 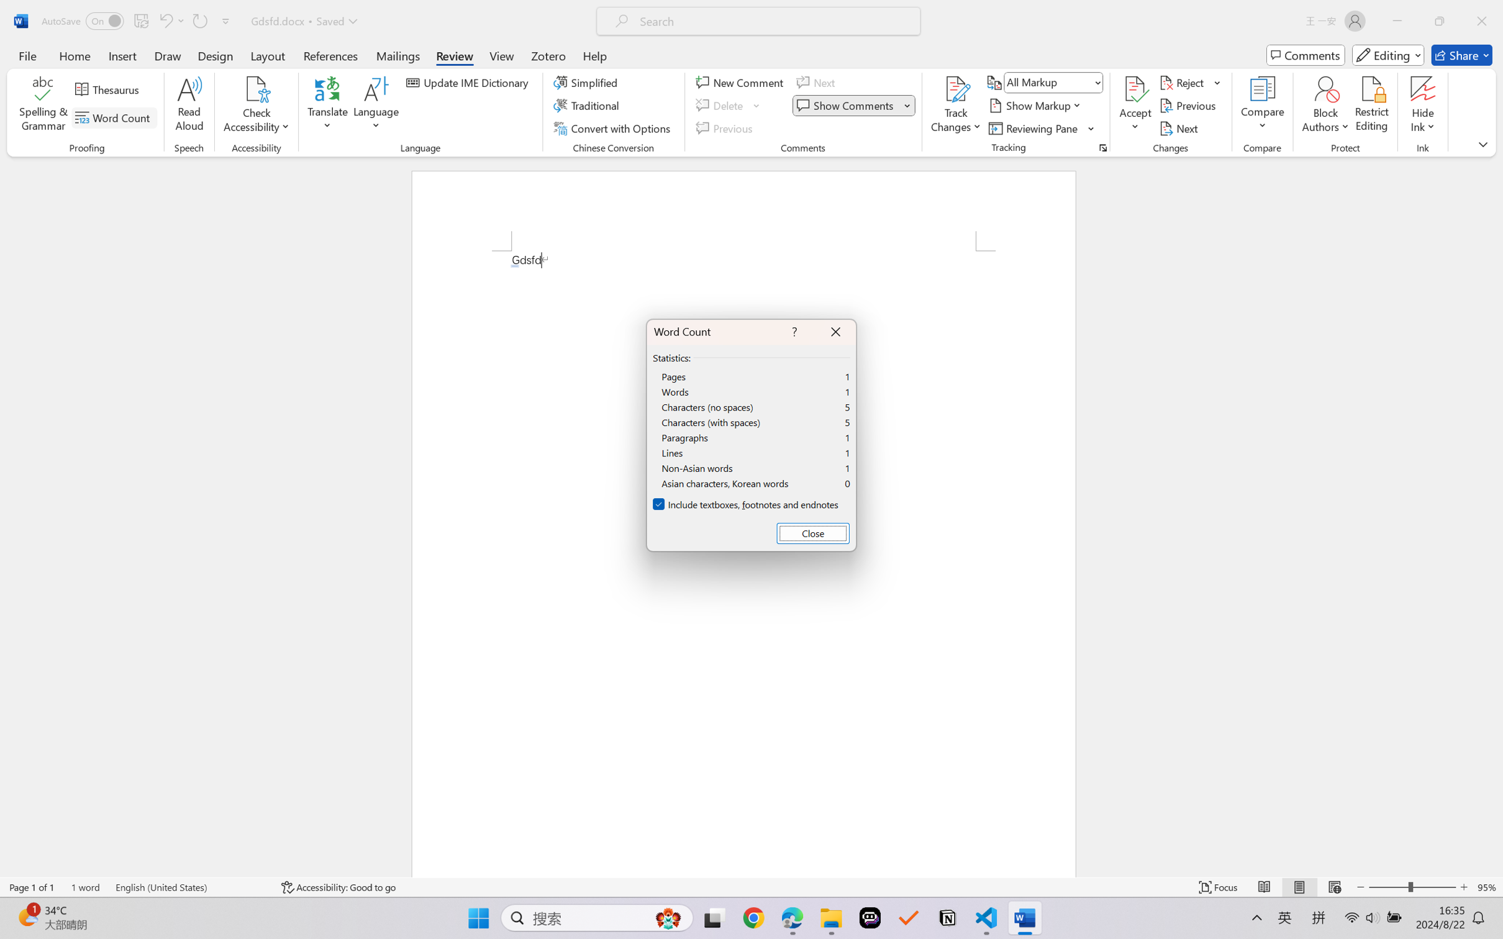 I want to click on 'Reviewing Pane', so click(x=1034, y=129).